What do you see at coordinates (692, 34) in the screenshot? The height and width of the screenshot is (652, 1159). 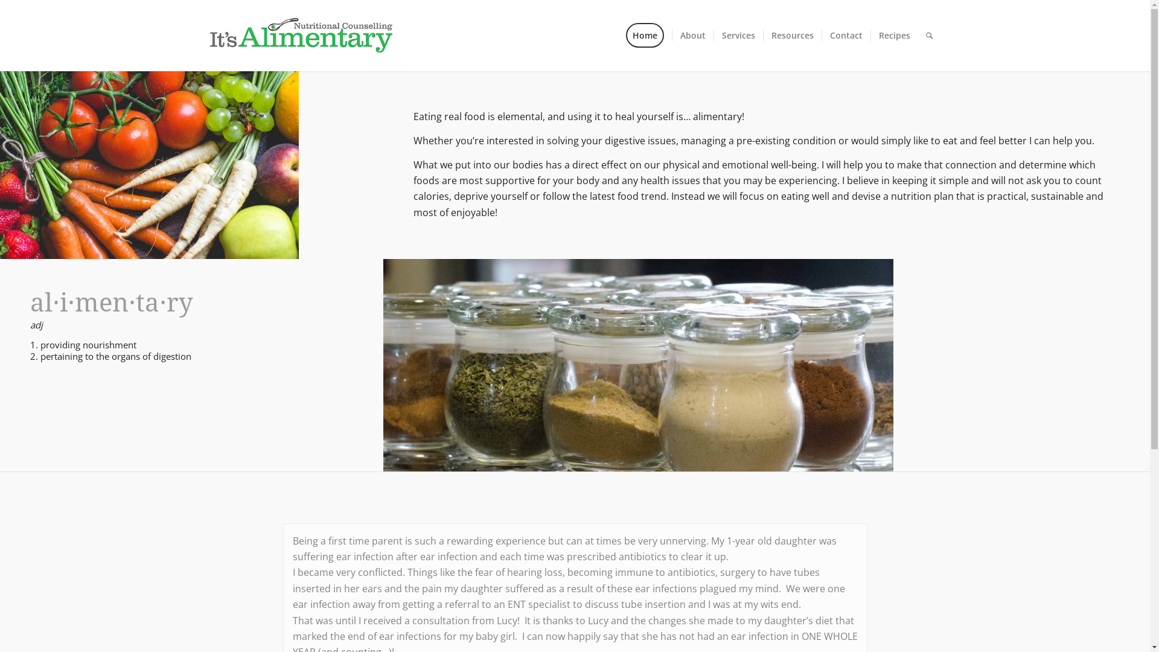 I see `'About'` at bounding box center [692, 34].